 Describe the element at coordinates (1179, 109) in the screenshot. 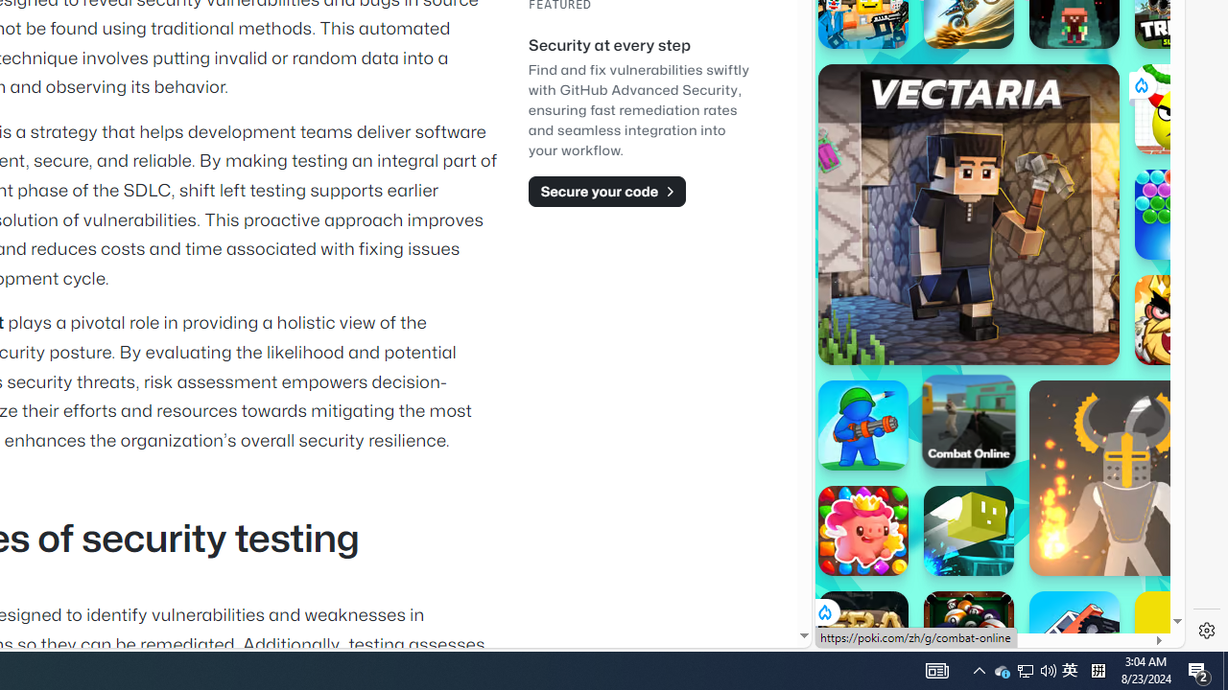

I see `'Draw To Smash: Logic Puzzle'` at that location.